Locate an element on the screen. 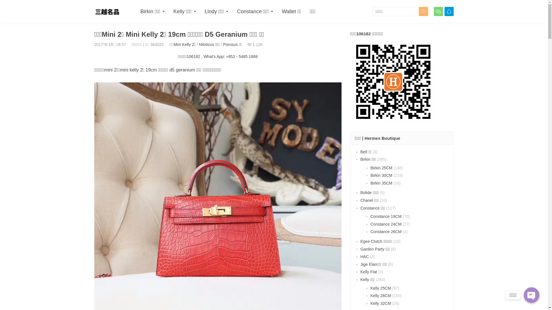 Image resolution: width=552 pixels, height=310 pixels. 'HAC' is located at coordinates (364, 256).